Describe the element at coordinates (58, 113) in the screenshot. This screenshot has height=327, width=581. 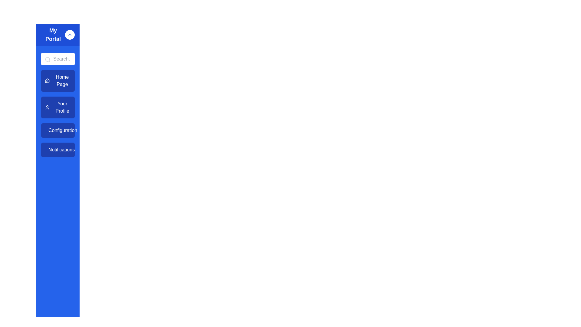
I see `the 'Your Profile' item in the vertical sidebar navigation menu` at that location.